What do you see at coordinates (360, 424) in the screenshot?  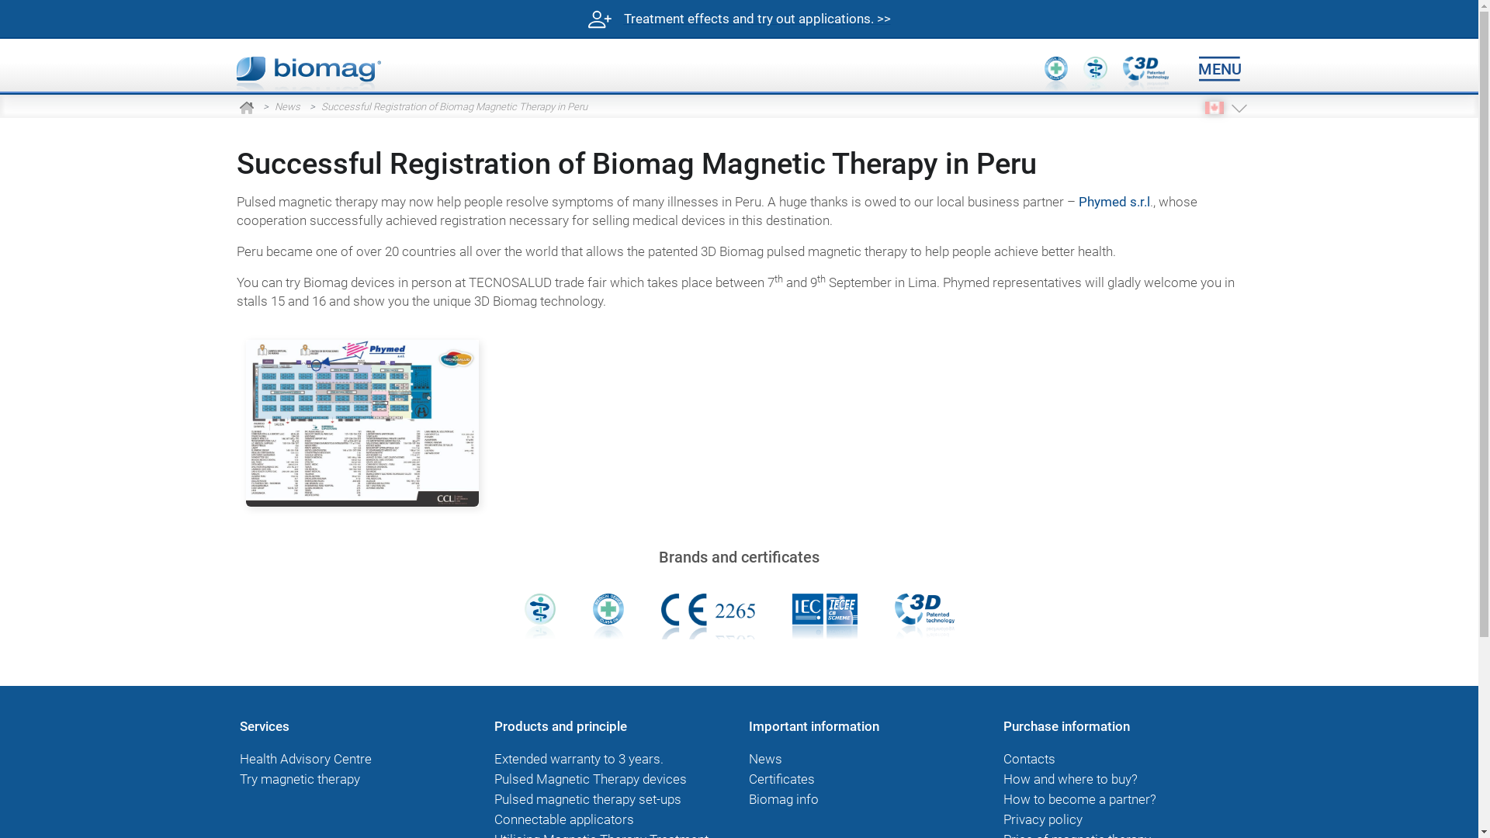 I see `'Phymed-LIma'` at bounding box center [360, 424].